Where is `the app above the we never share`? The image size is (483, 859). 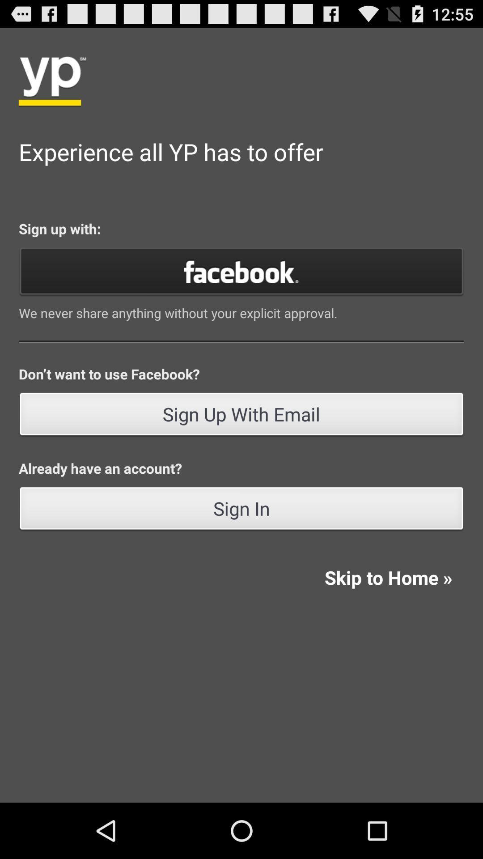
the app above the we never share is located at coordinates (241, 270).